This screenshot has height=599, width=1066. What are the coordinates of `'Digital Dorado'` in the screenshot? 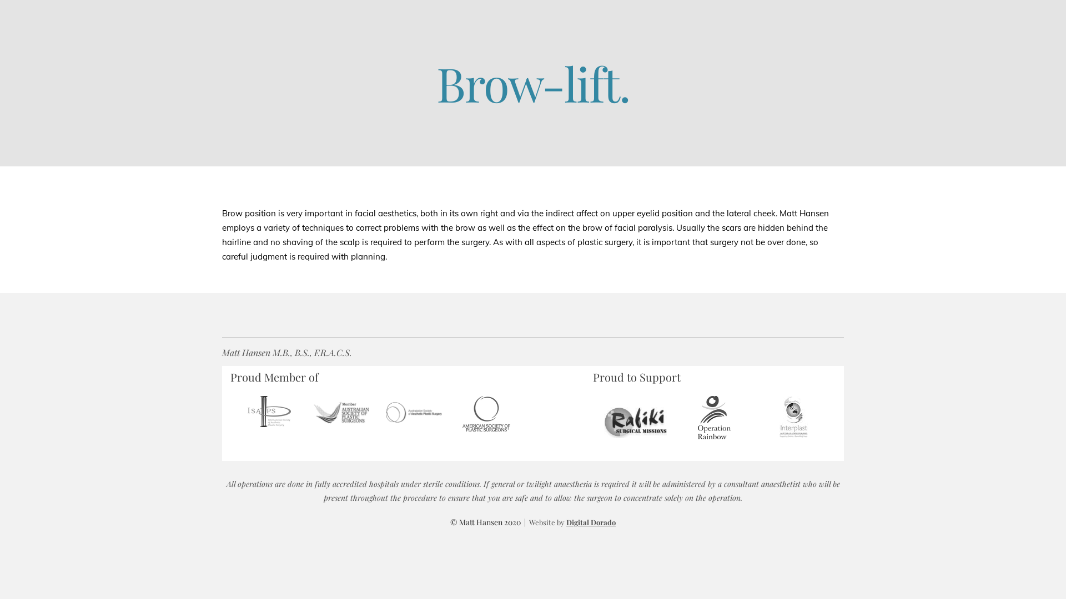 It's located at (590, 522).